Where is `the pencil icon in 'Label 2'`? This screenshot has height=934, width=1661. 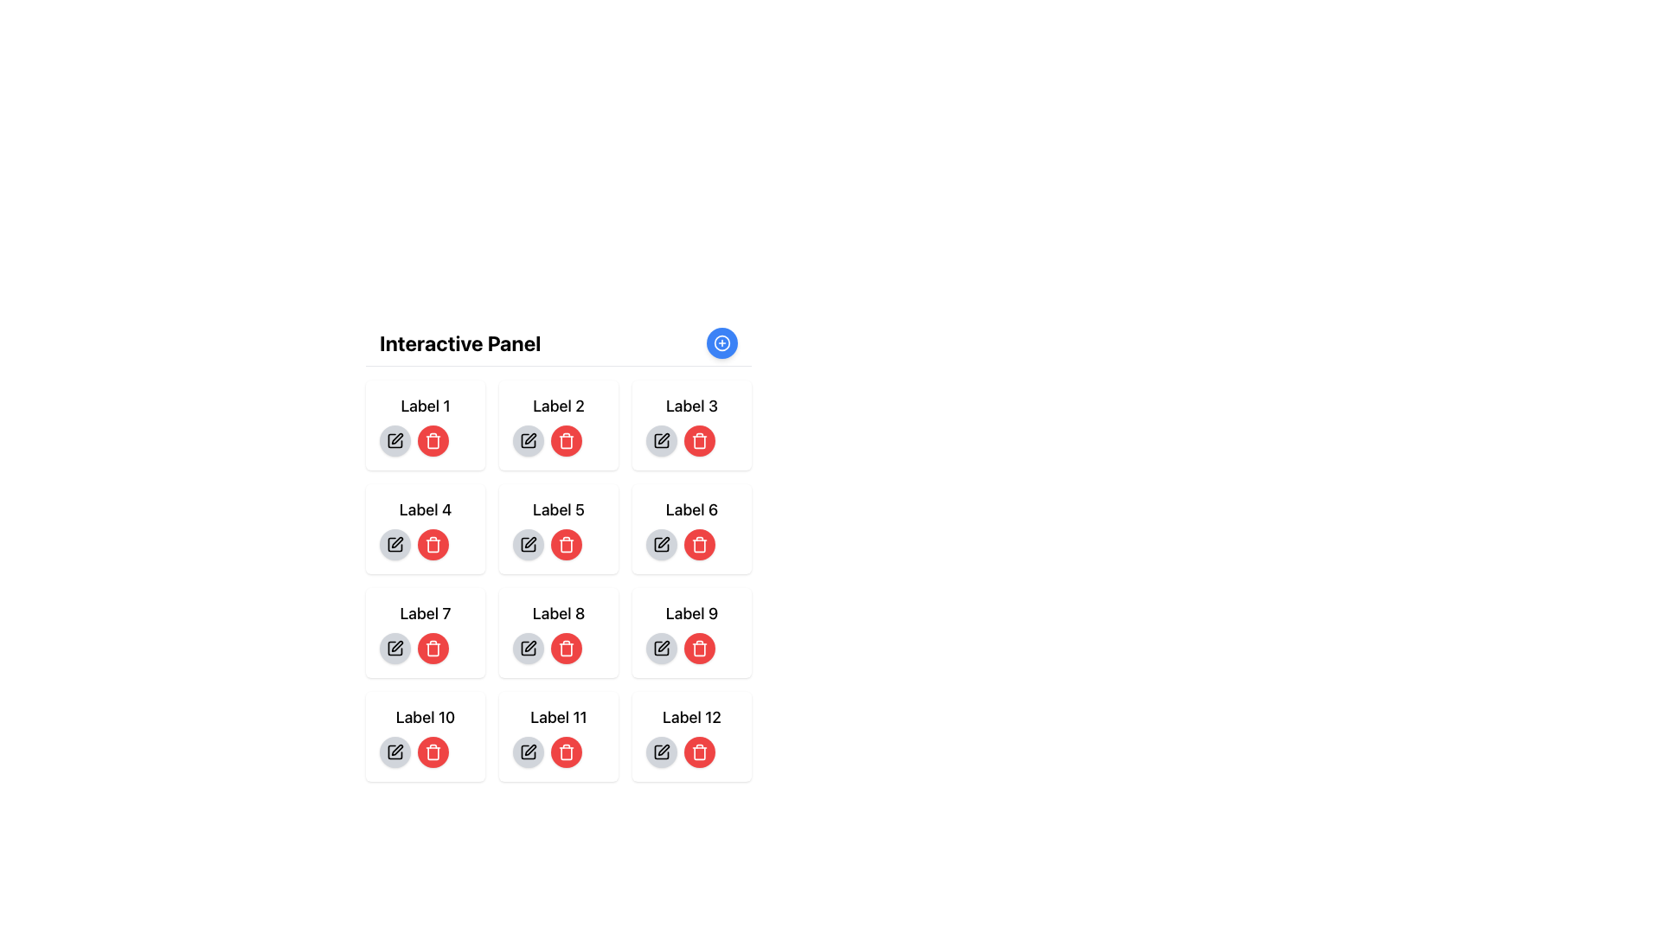
the pencil icon in 'Label 2' is located at coordinates (527, 439).